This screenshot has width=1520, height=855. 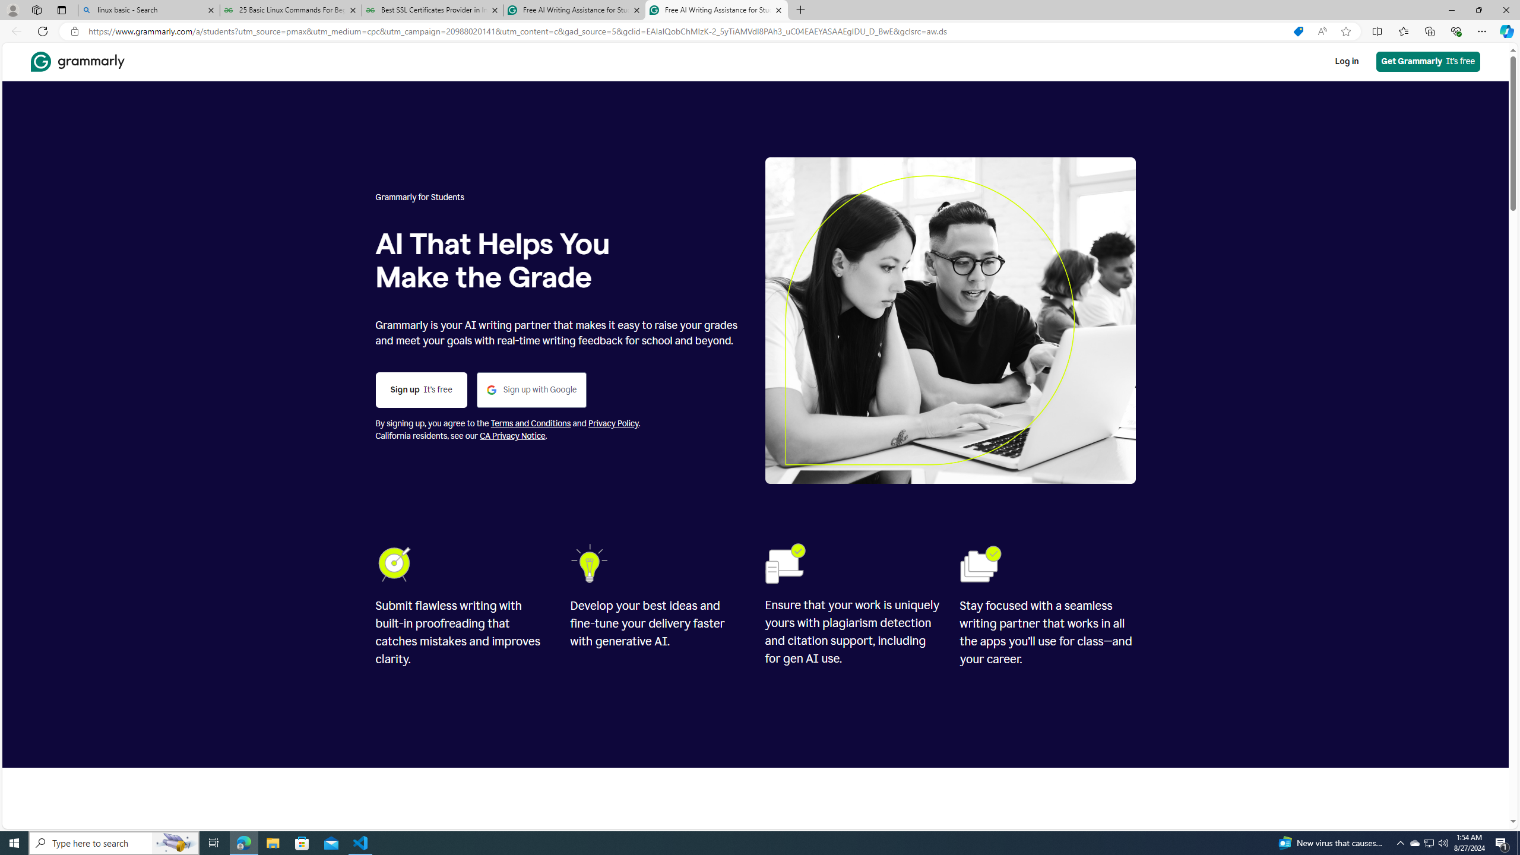 What do you see at coordinates (433, 9) in the screenshot?
I see `'Best SSL Certificates Provider in India - GeeksforGeeks'` at bounding box center [433, 9].